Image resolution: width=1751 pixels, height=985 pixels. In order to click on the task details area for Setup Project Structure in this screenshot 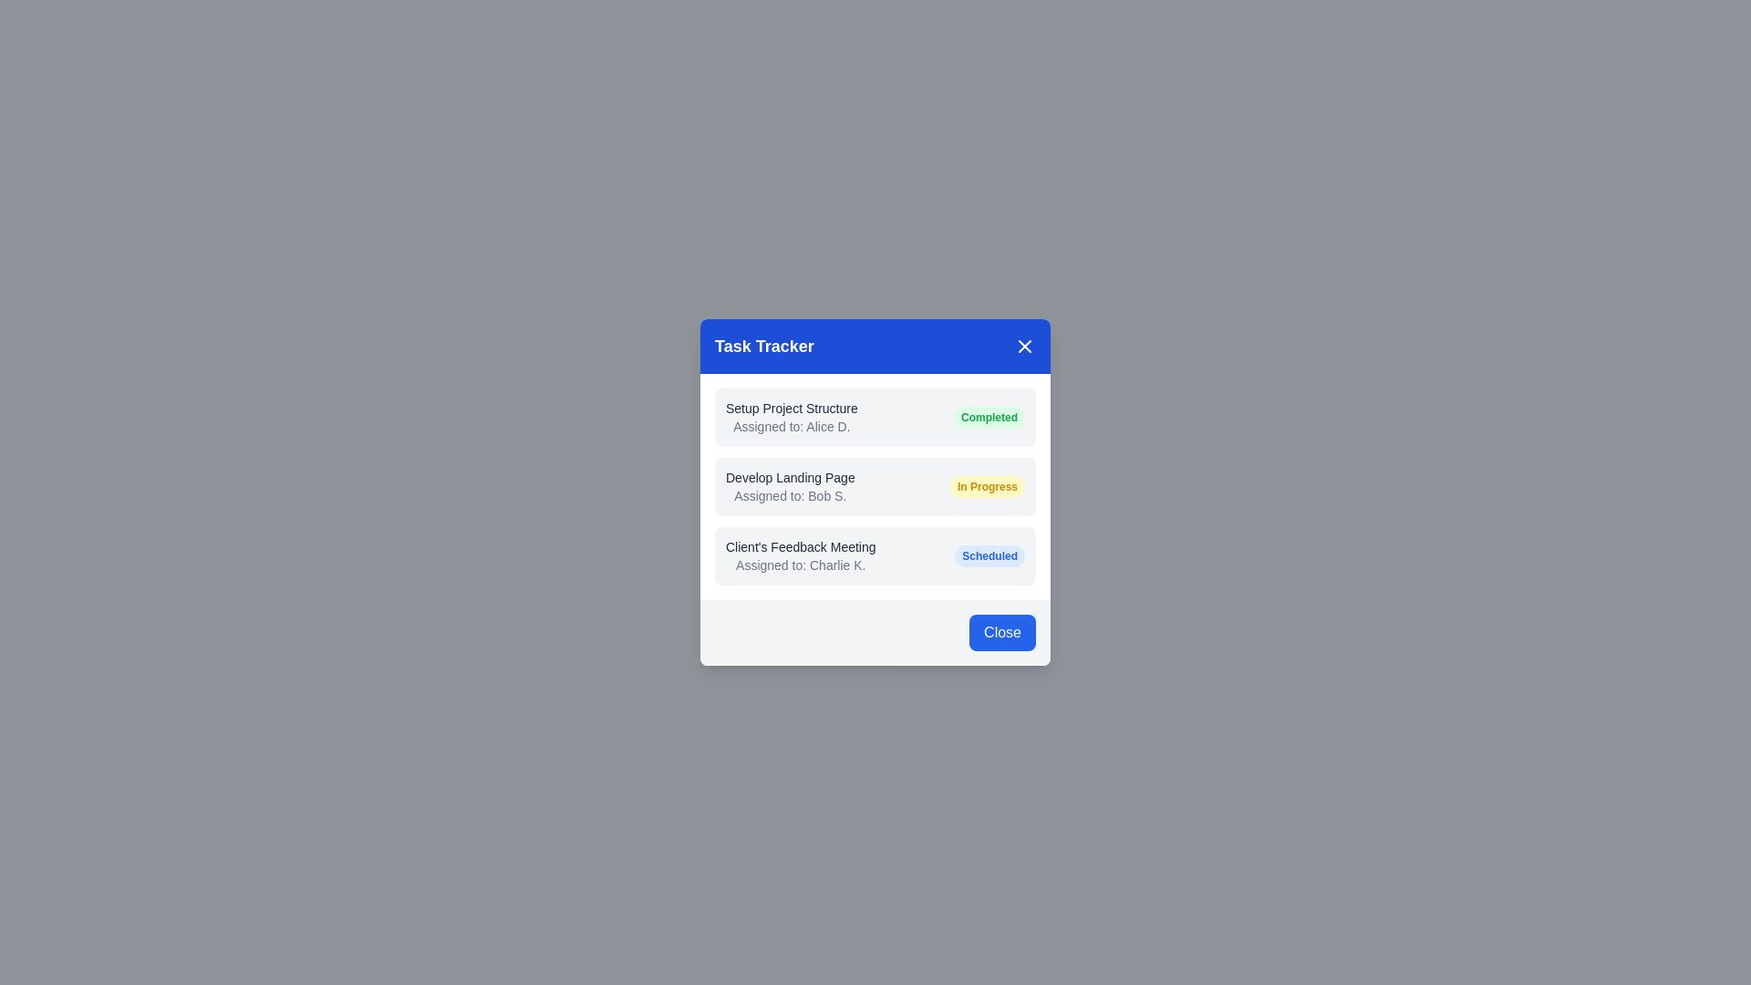, I will do `click(875, 418)`.